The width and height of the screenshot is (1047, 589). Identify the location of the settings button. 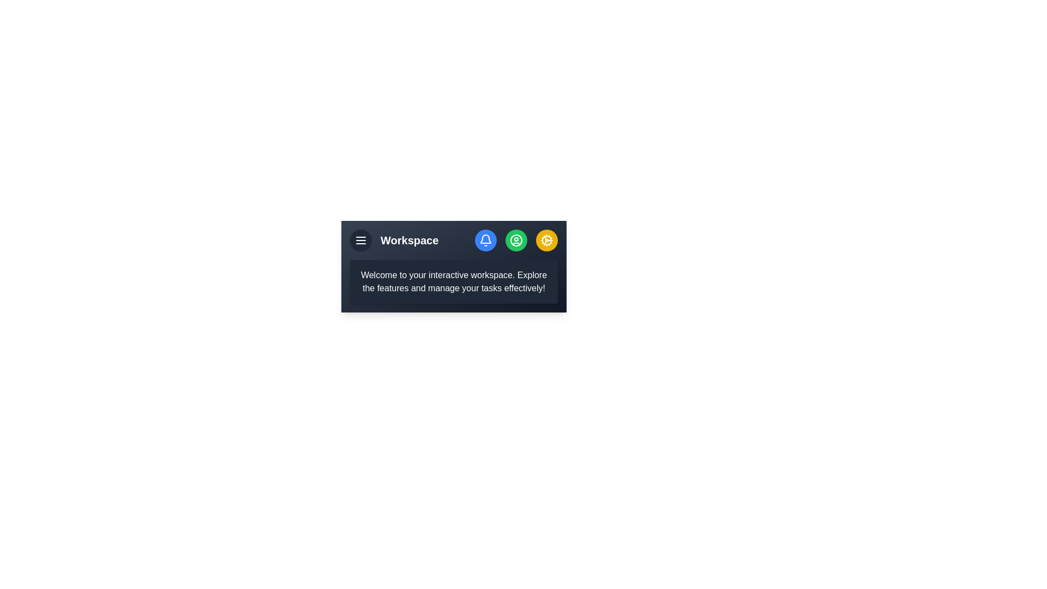
(547, 239).